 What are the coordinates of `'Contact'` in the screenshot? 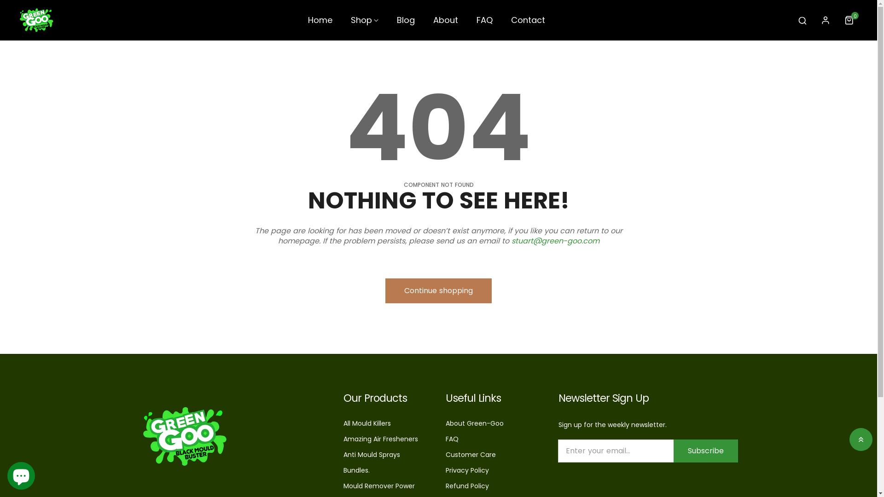 It's located at (528, 23).